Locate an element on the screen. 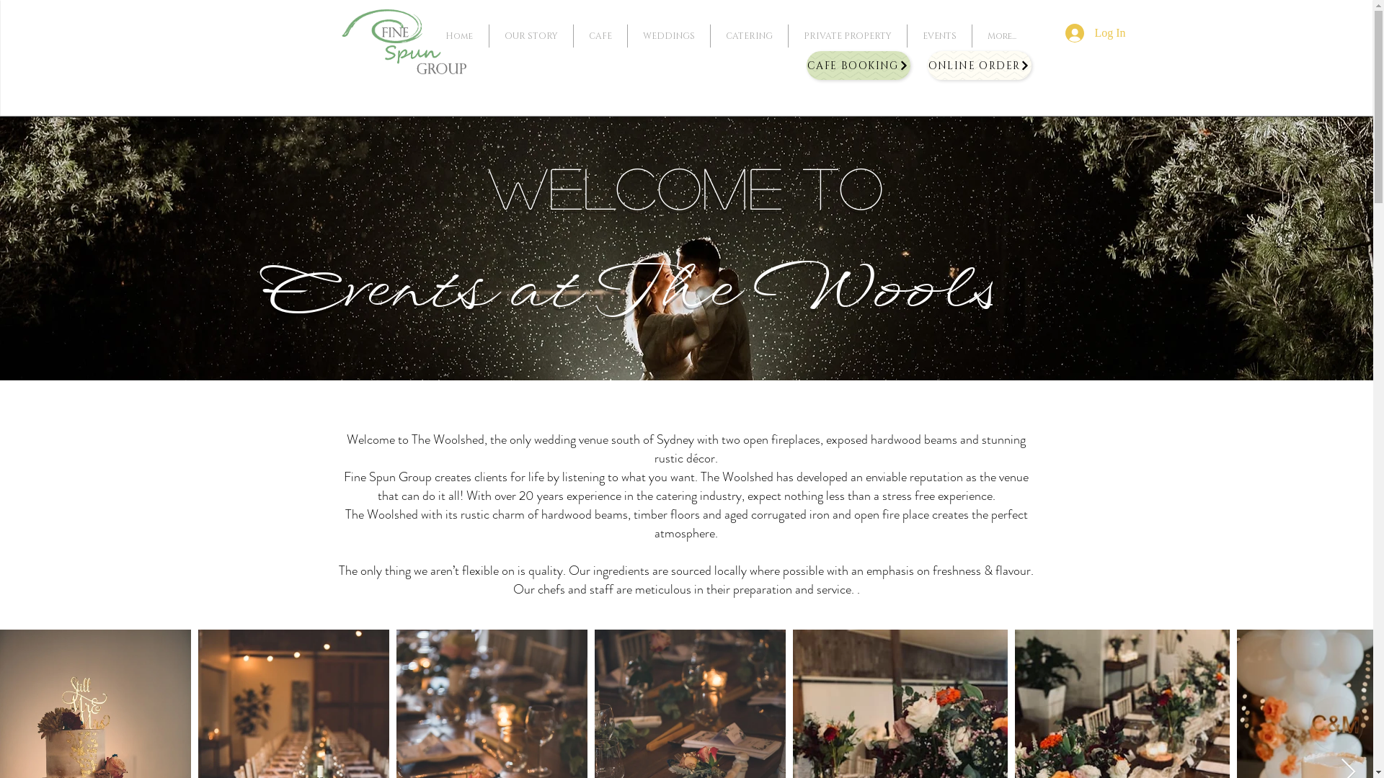 The width and height of the screenshot is (1384, 778). 'ONLINE ORDER' is located at coordinates (979, 66).